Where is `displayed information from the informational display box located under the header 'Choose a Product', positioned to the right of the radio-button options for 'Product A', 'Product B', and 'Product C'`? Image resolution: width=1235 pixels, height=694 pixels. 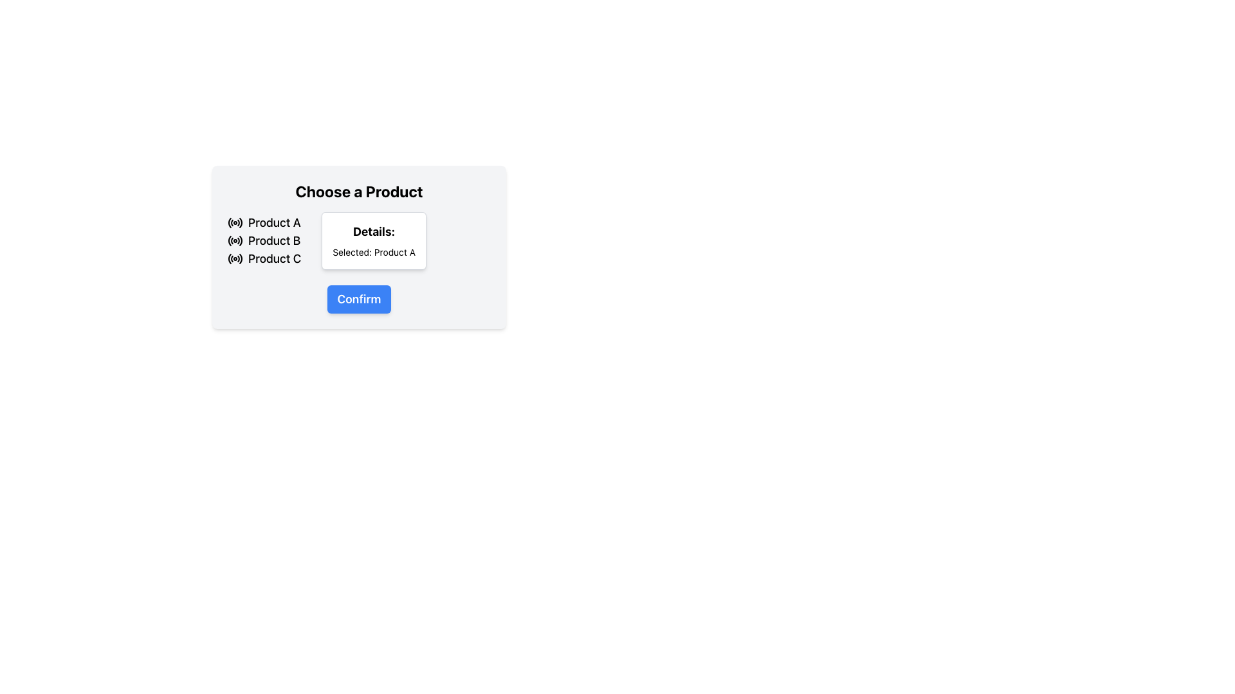 displayed information from the informational display box located under the header 'Choose a Product', positioned to the right of the radio-button options for 'Product A', 'Product B', and 'Product C' is located at coordinates (359, 240).